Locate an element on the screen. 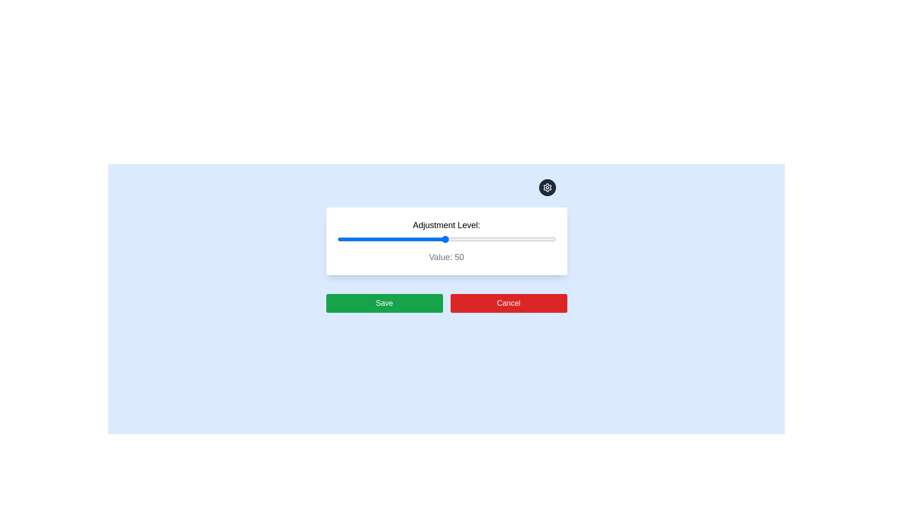  the 'Settings' icon located at the top-right corner of the interface is located at coordinates (547, 187).